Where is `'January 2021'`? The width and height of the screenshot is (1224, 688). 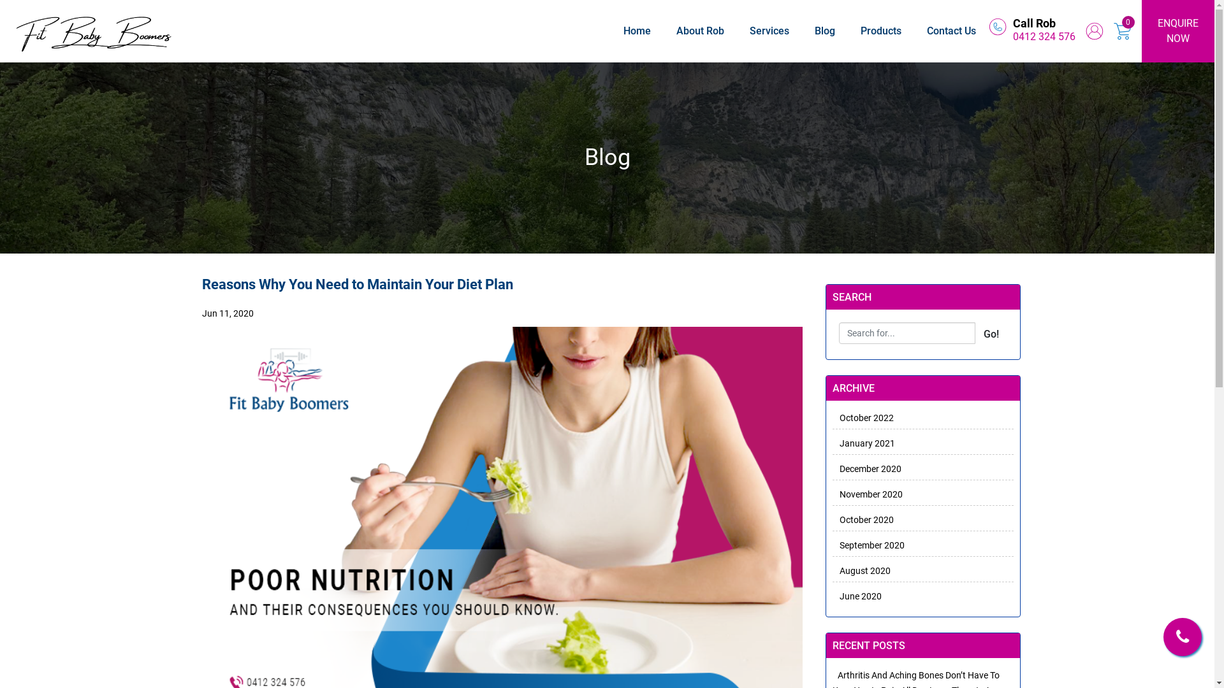 'January 2021' is located at coordinates (863, 442).